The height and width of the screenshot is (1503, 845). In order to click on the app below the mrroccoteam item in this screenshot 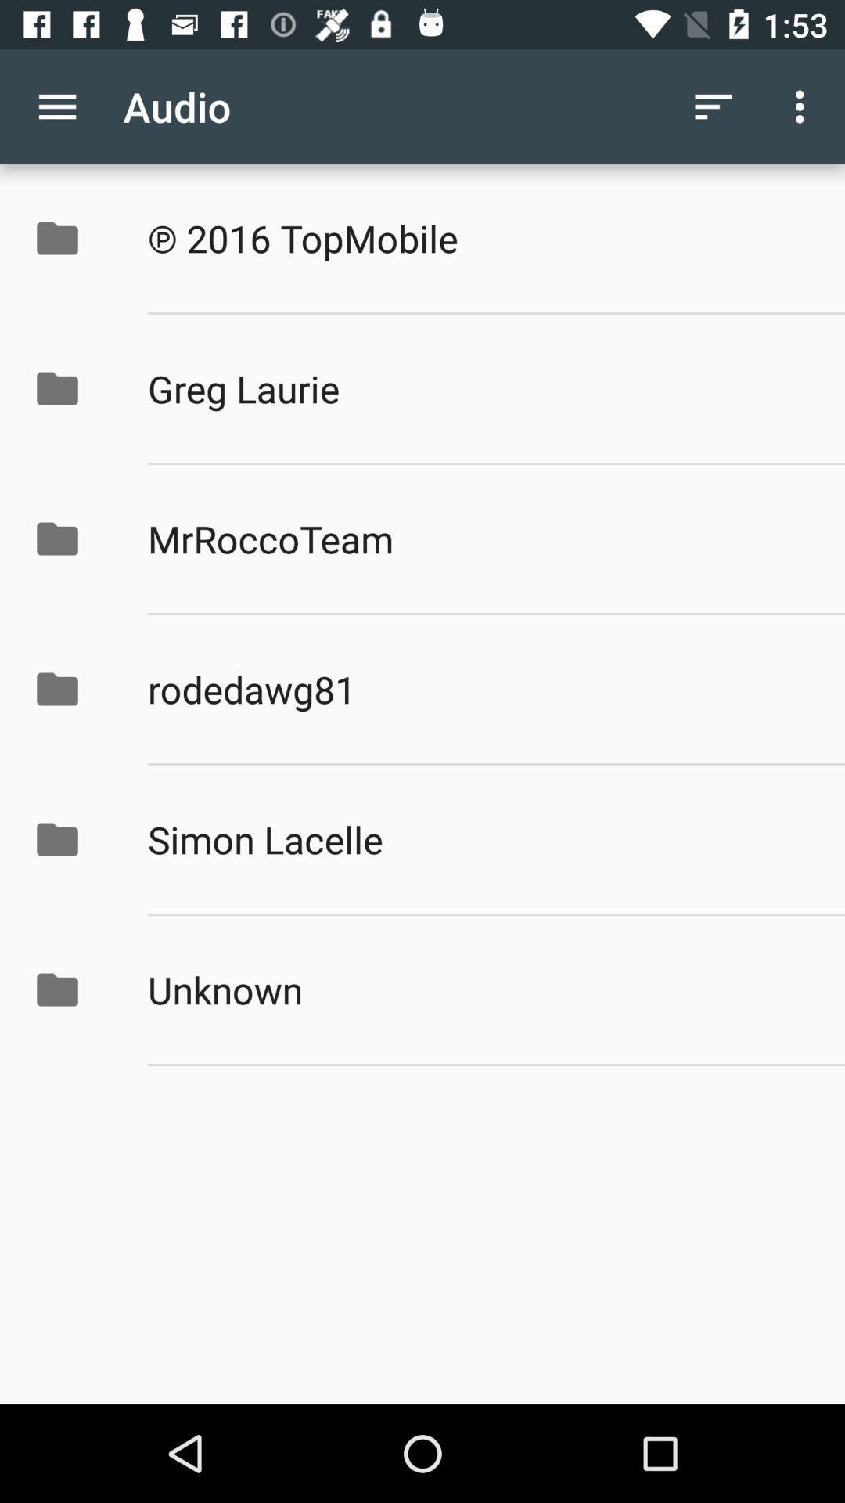, I will do `click(479, 689)`.